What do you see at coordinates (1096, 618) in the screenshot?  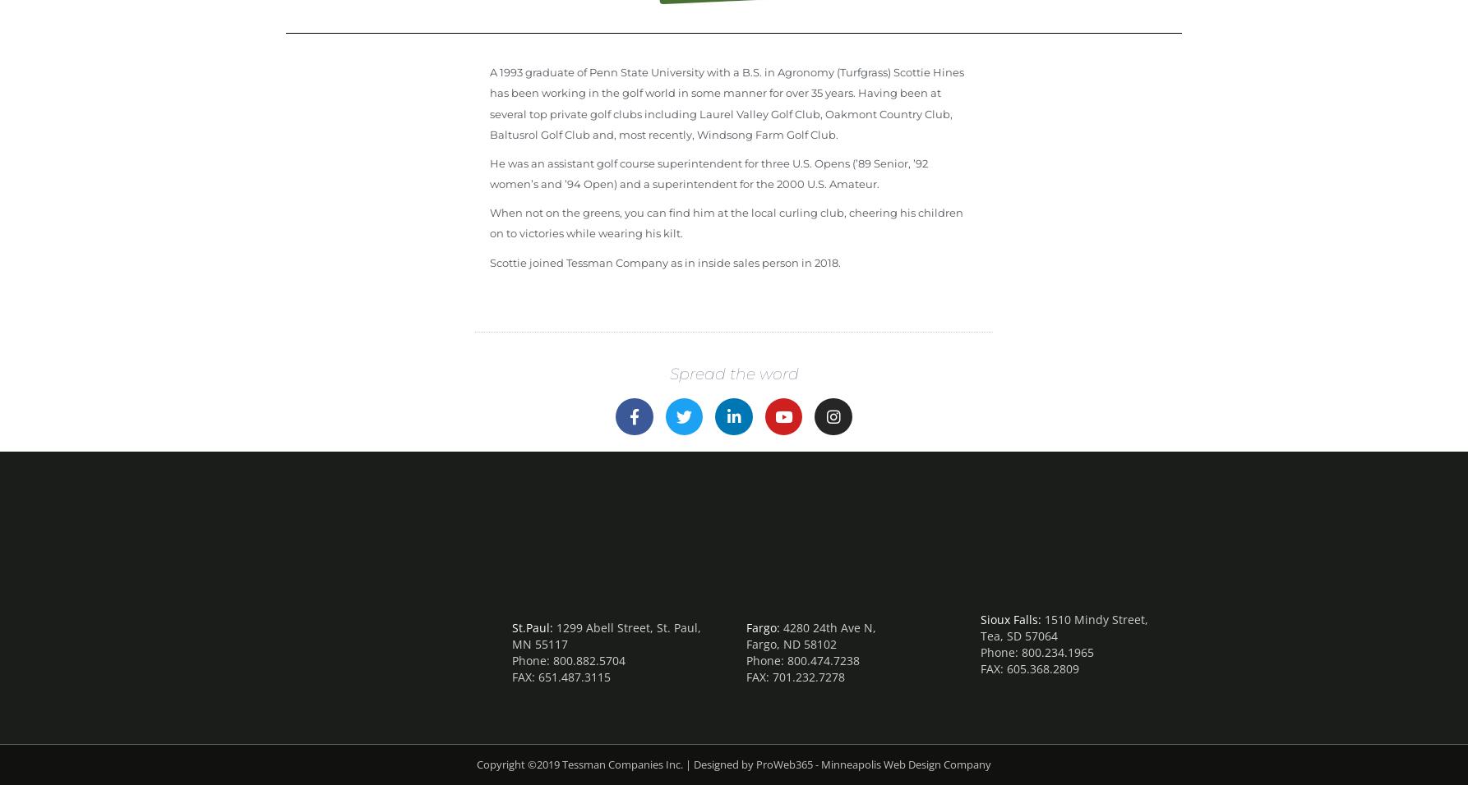 I see `'1510 Mindy Street,'` at bounding box center [1096, 618].